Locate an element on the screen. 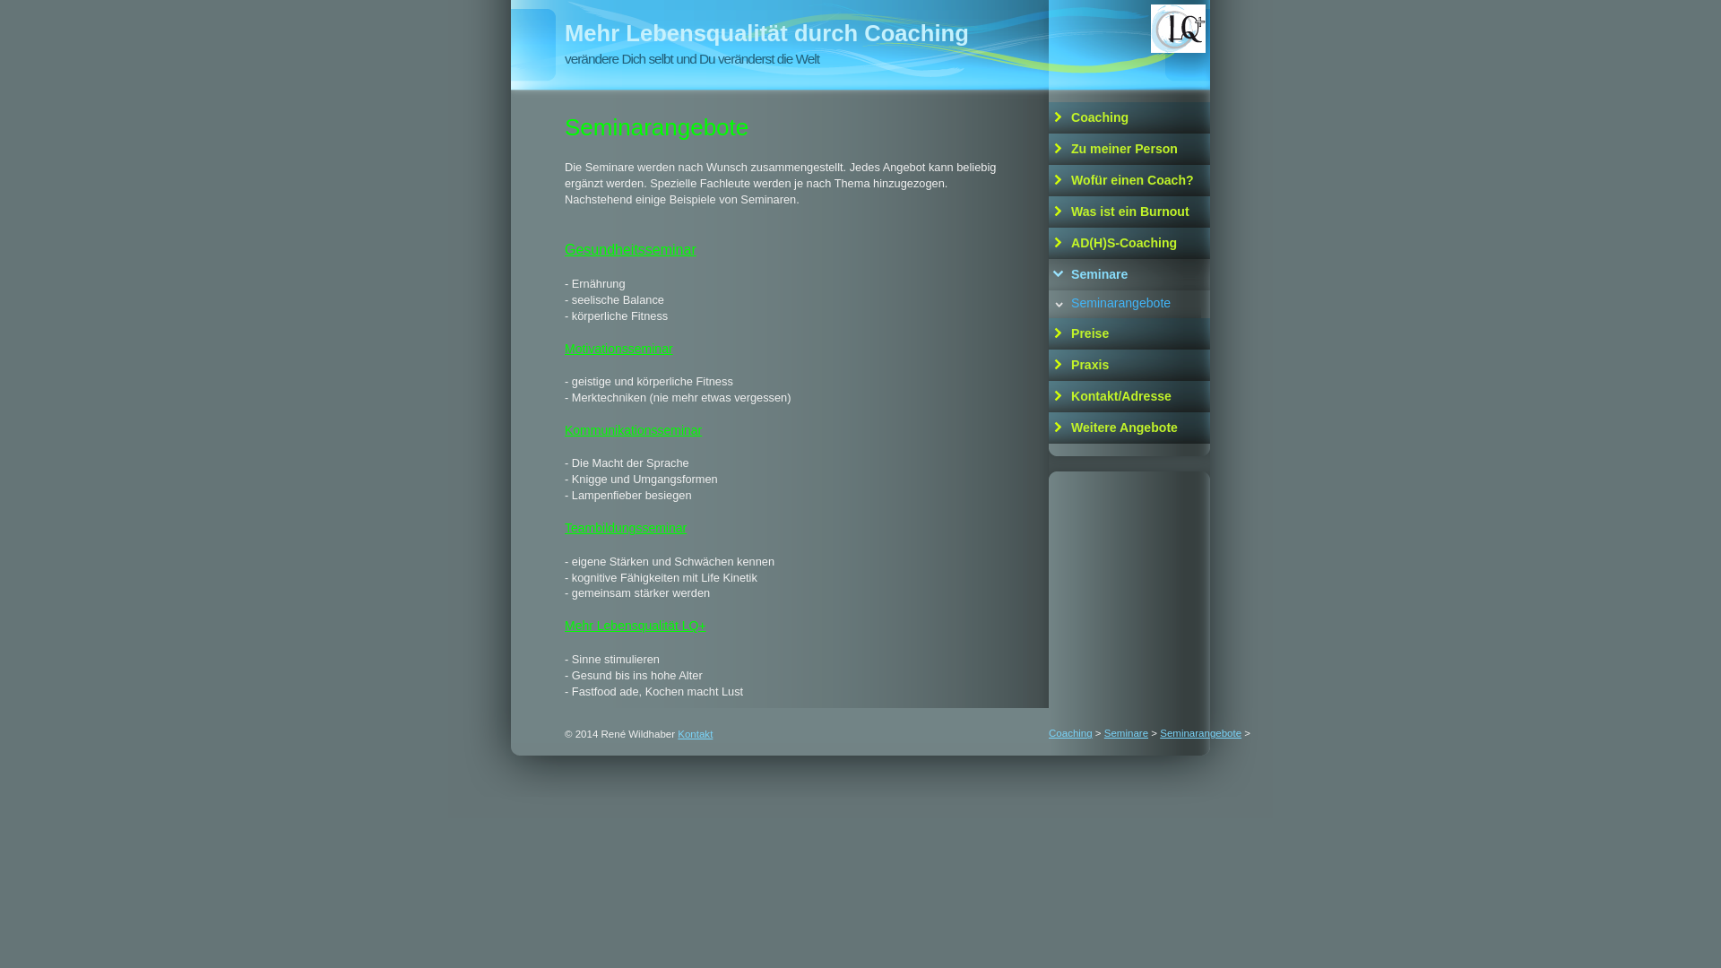 This screenshot has width=1721, height=968. 'AD(H)S-Coaching' is located at coordinates (1128, 243).